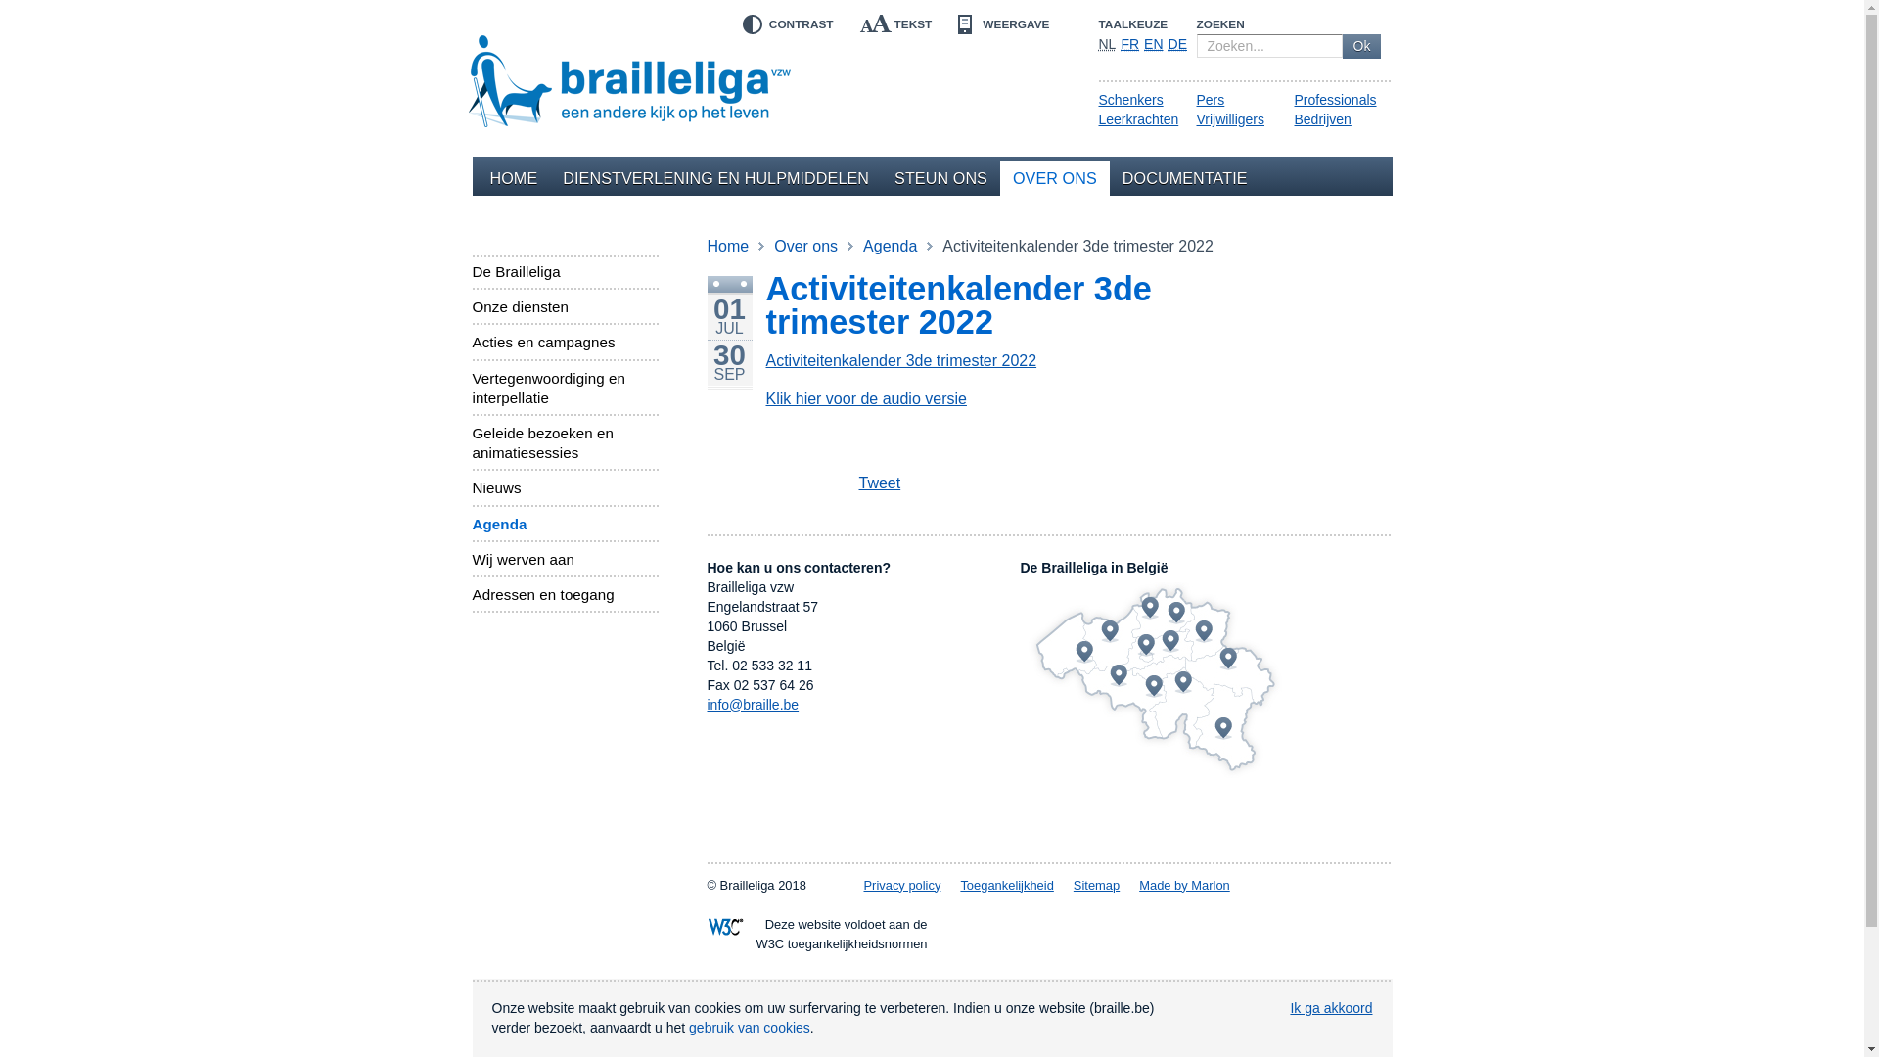  I want to click on 'DIENSTVERLENING EN HULPMIDDELEN', so click(714, 178).